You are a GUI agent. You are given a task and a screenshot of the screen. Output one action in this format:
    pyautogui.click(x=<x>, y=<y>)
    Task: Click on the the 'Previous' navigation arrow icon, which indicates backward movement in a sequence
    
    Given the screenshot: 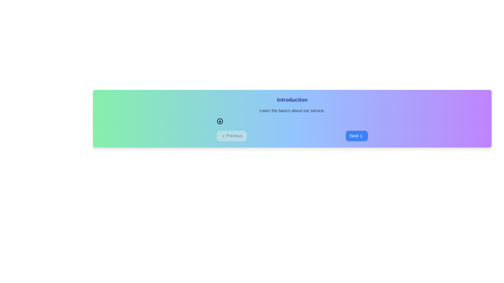 What is the action you would take?
    pyautogui.click(x=223, y=136)
    